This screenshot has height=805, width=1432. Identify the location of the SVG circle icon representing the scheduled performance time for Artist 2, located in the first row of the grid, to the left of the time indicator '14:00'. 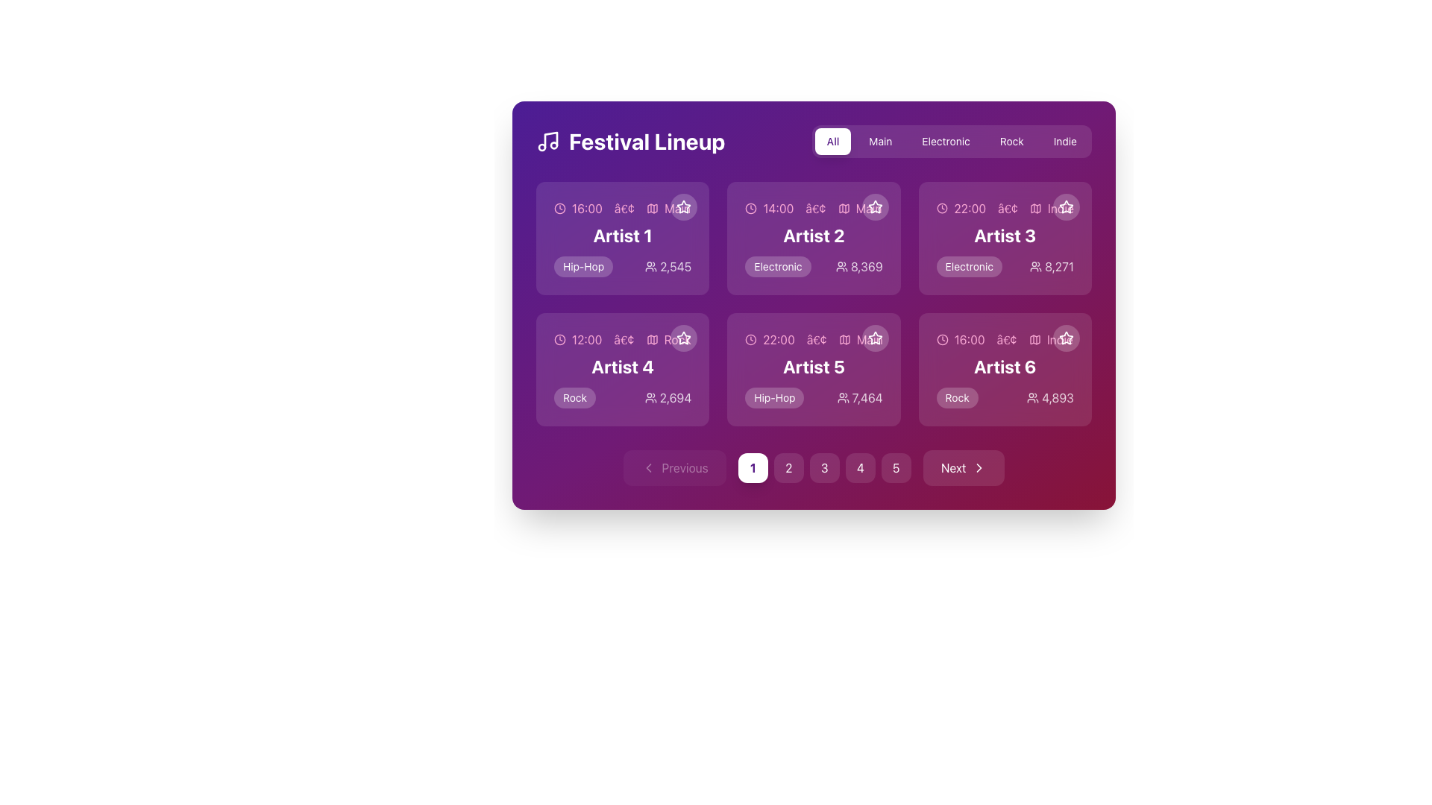
(751, 209).